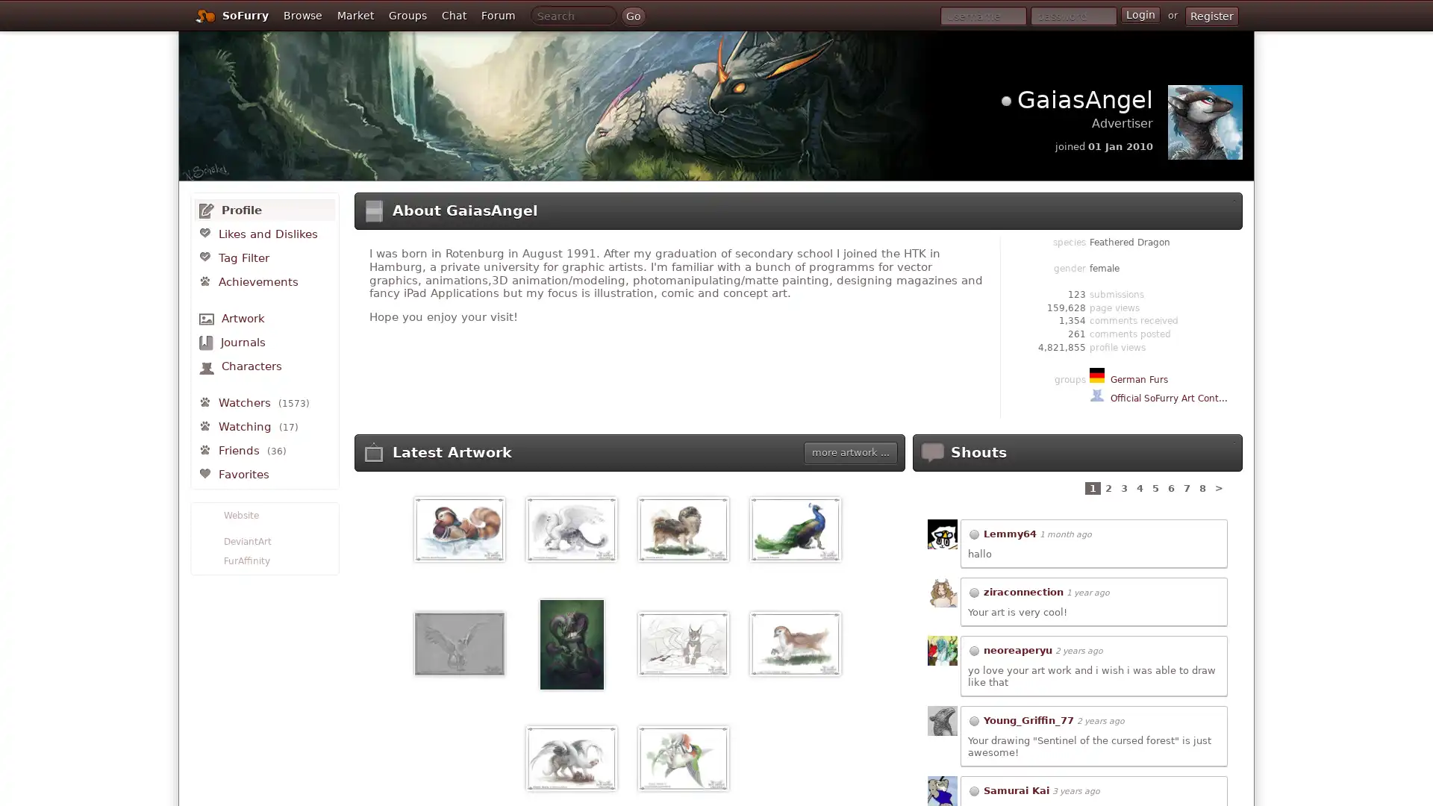  Describe the element at coordinates (634, 16) in the screenshot. I see `Go` at that location.